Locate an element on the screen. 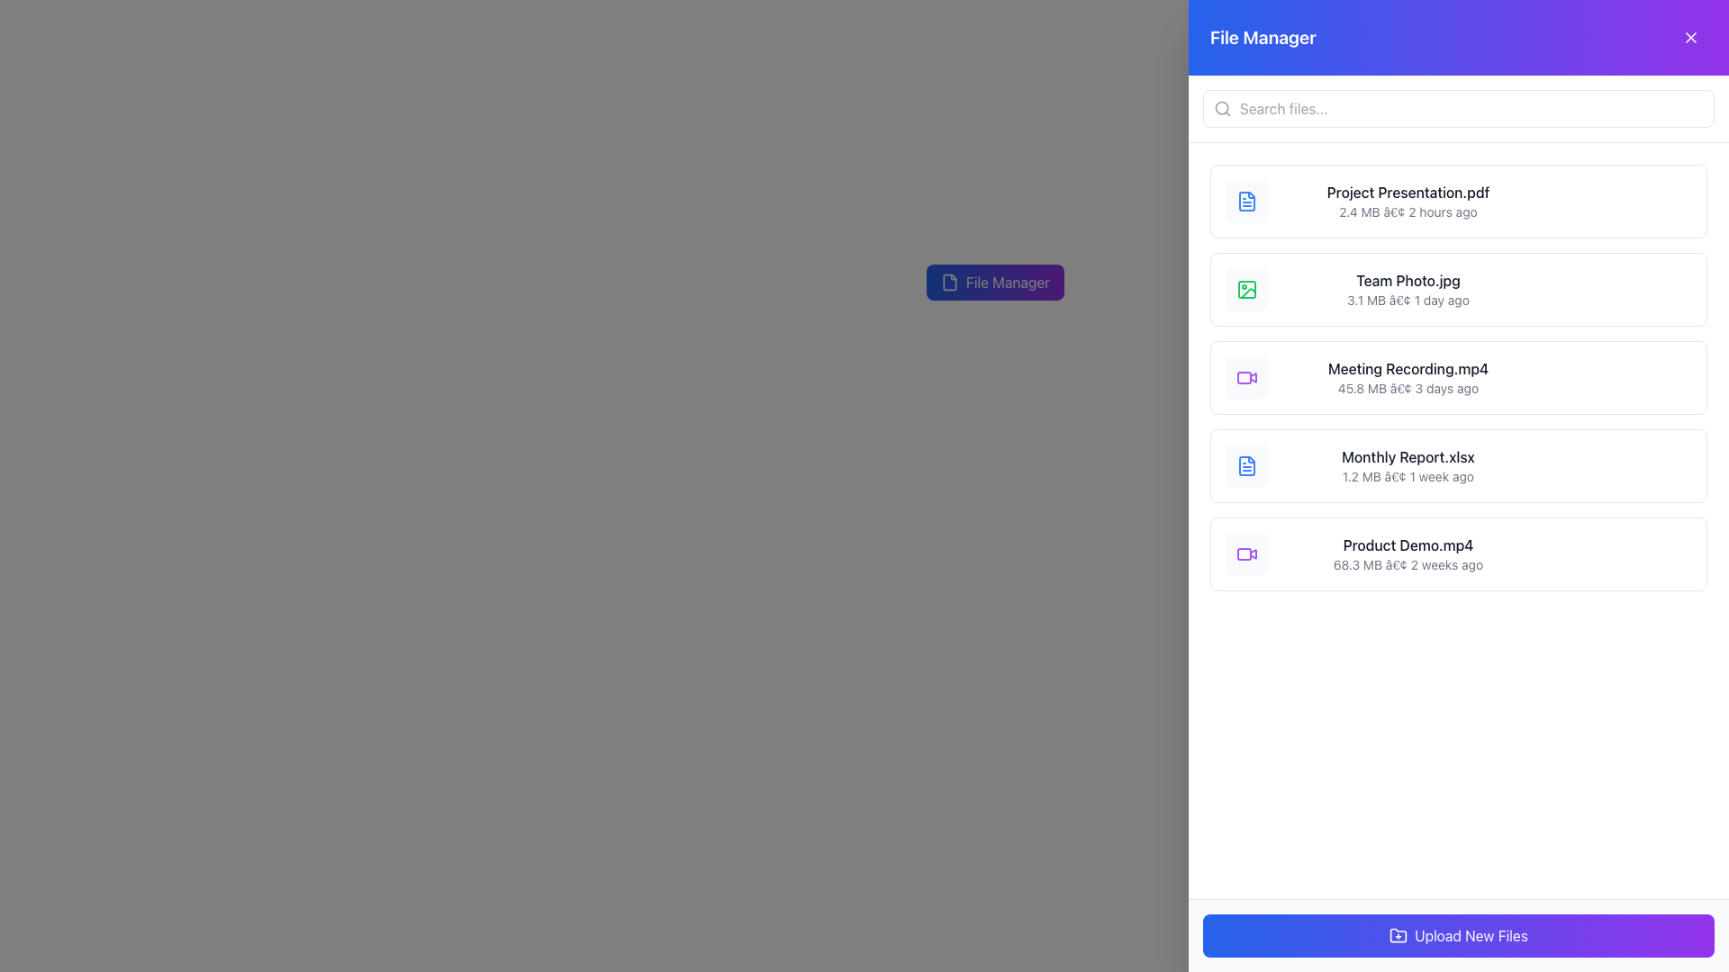  the file entry 'Project Presentation.pdf' is located at coordinates (1459, 201).